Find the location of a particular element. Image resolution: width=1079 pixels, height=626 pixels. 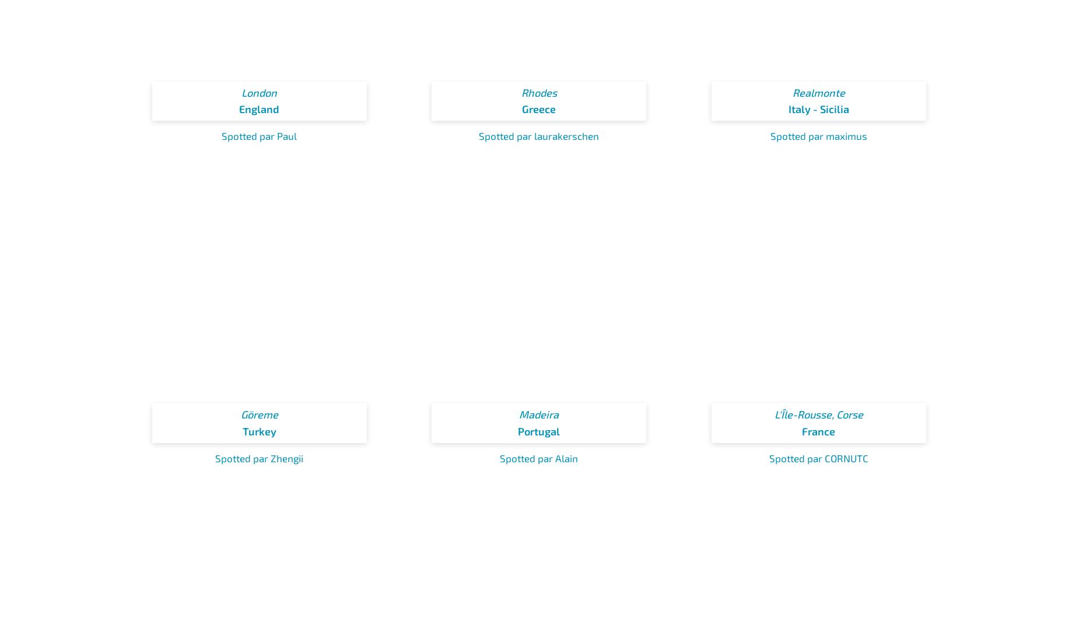

'Göreme' is located at coordinates (258, 414).